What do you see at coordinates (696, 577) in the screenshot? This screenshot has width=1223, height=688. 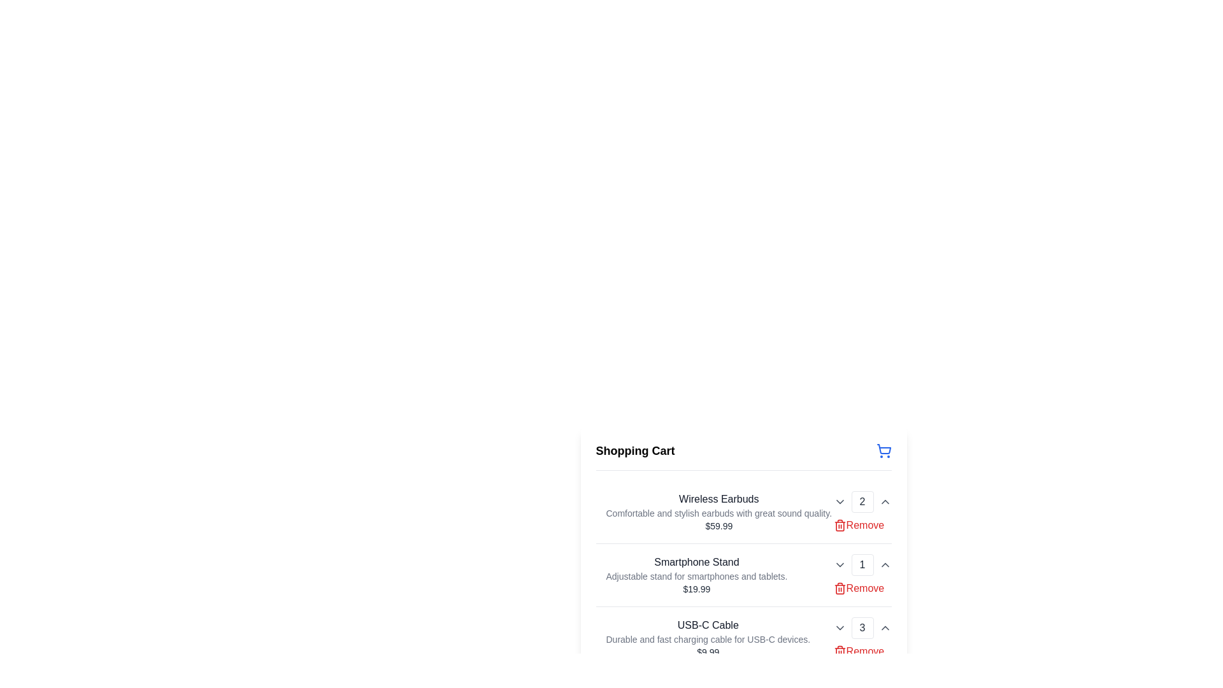 I see `the text label that displays 'Adjustable stand for smartphones and tablets.' in gray color, located below the product name 'Smartphone Stand' in the shopping cart interface` at bounding box center [696, 577].